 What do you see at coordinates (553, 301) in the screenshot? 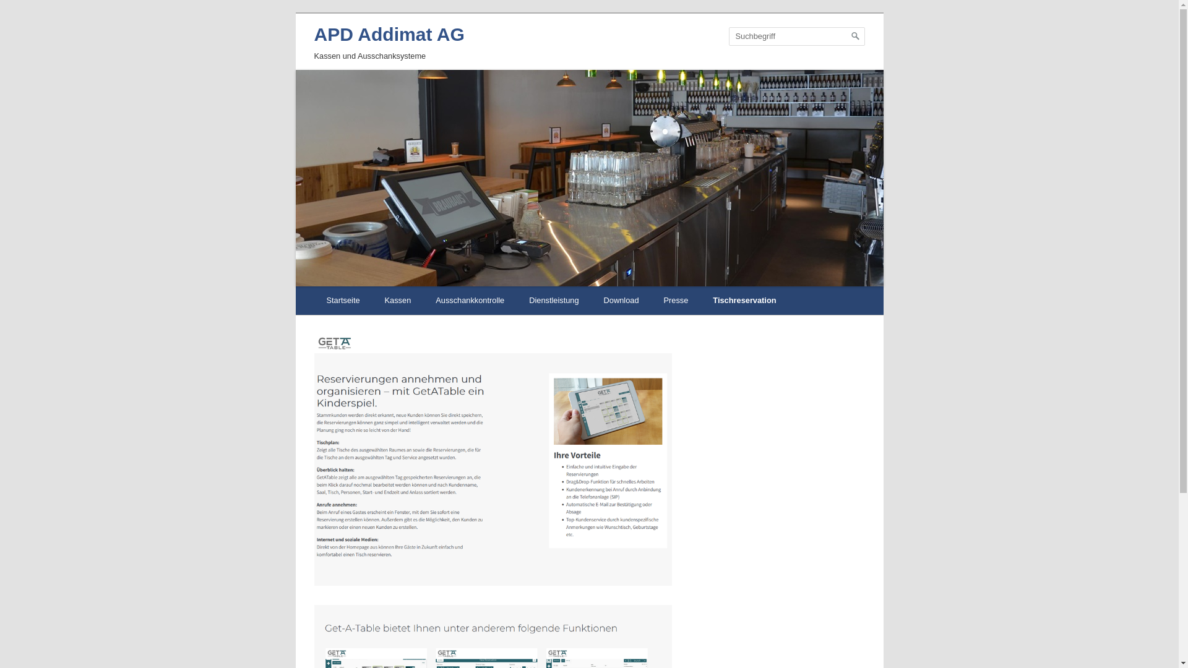
I see `'Dienstleistung'` at bounding box center [553, 301].